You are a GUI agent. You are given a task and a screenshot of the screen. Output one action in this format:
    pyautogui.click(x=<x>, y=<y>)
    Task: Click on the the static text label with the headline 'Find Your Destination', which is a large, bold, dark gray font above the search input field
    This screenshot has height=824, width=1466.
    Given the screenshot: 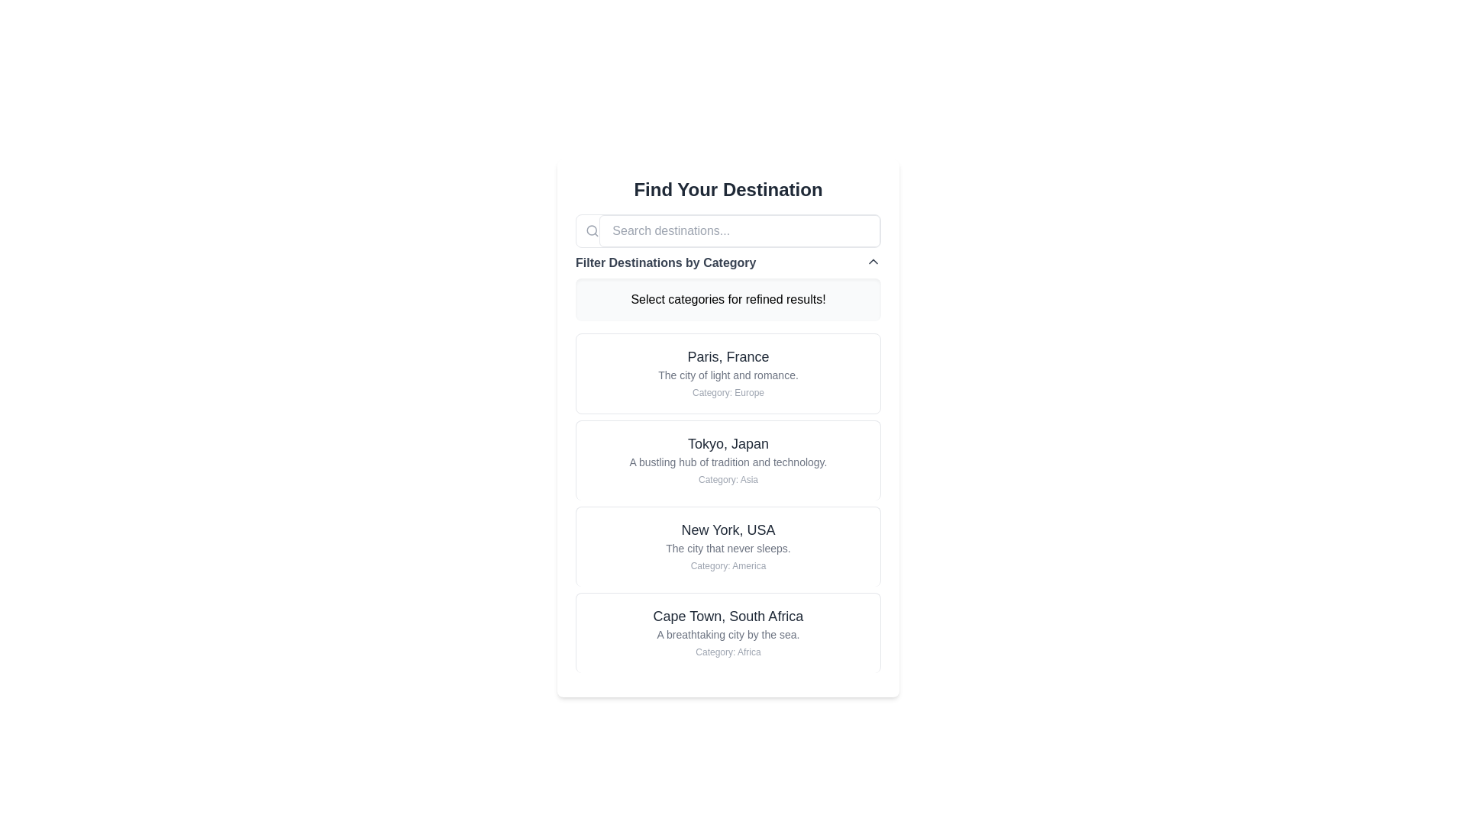 What is the action you would take?
    pyautogui.click(x=728, y=189)
    